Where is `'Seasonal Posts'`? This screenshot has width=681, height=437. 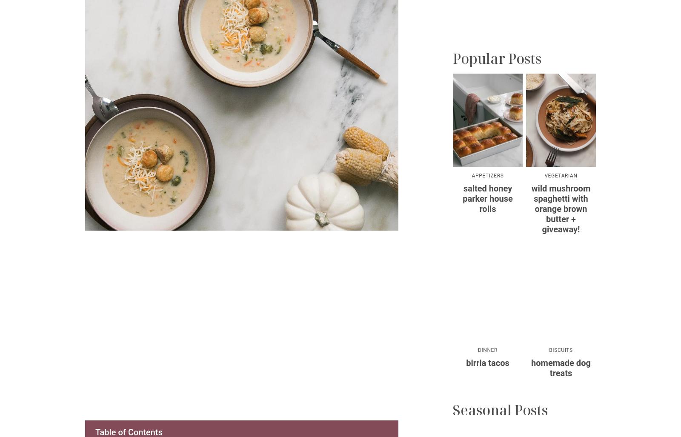 'Seasonal Posts' is located at coordinates (500, 409).